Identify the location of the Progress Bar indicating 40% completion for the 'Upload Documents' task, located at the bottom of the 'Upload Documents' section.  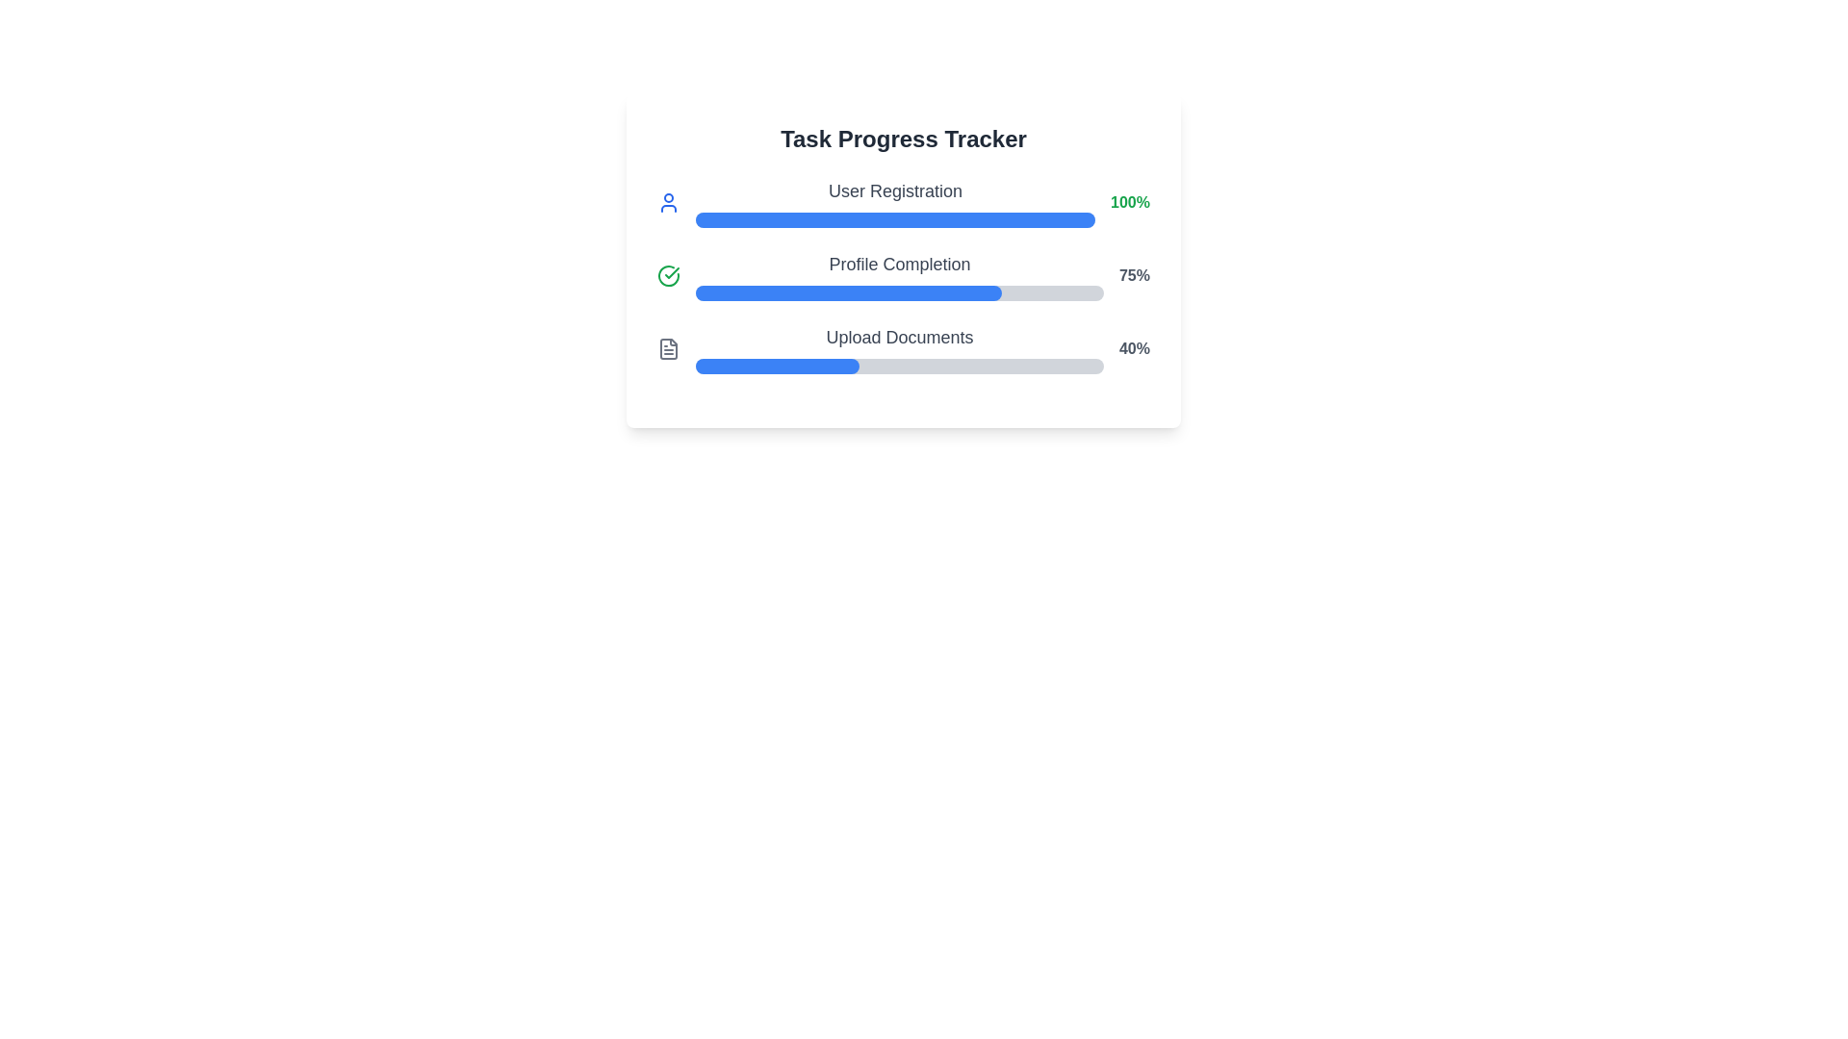
(899, 367).